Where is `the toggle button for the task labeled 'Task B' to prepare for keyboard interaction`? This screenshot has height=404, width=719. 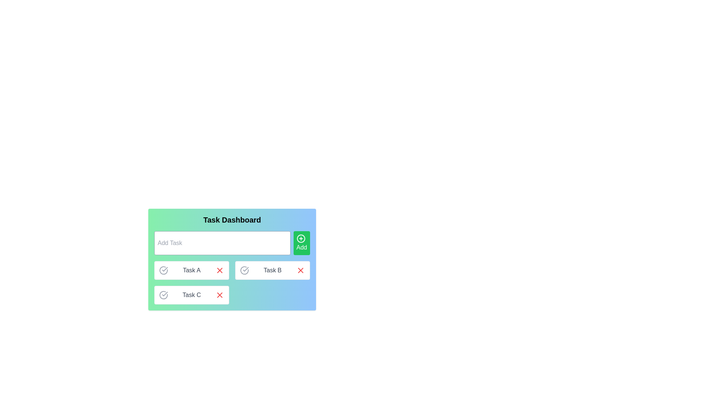 the toggle button for the task labeled 'Task B' to prepare for keyboard interaction is located at coordinates (244, 270).